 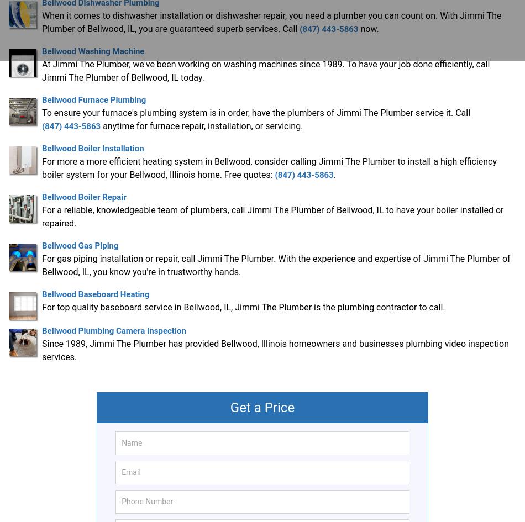 I want to click on 'now.', so click(x=358, y=28).